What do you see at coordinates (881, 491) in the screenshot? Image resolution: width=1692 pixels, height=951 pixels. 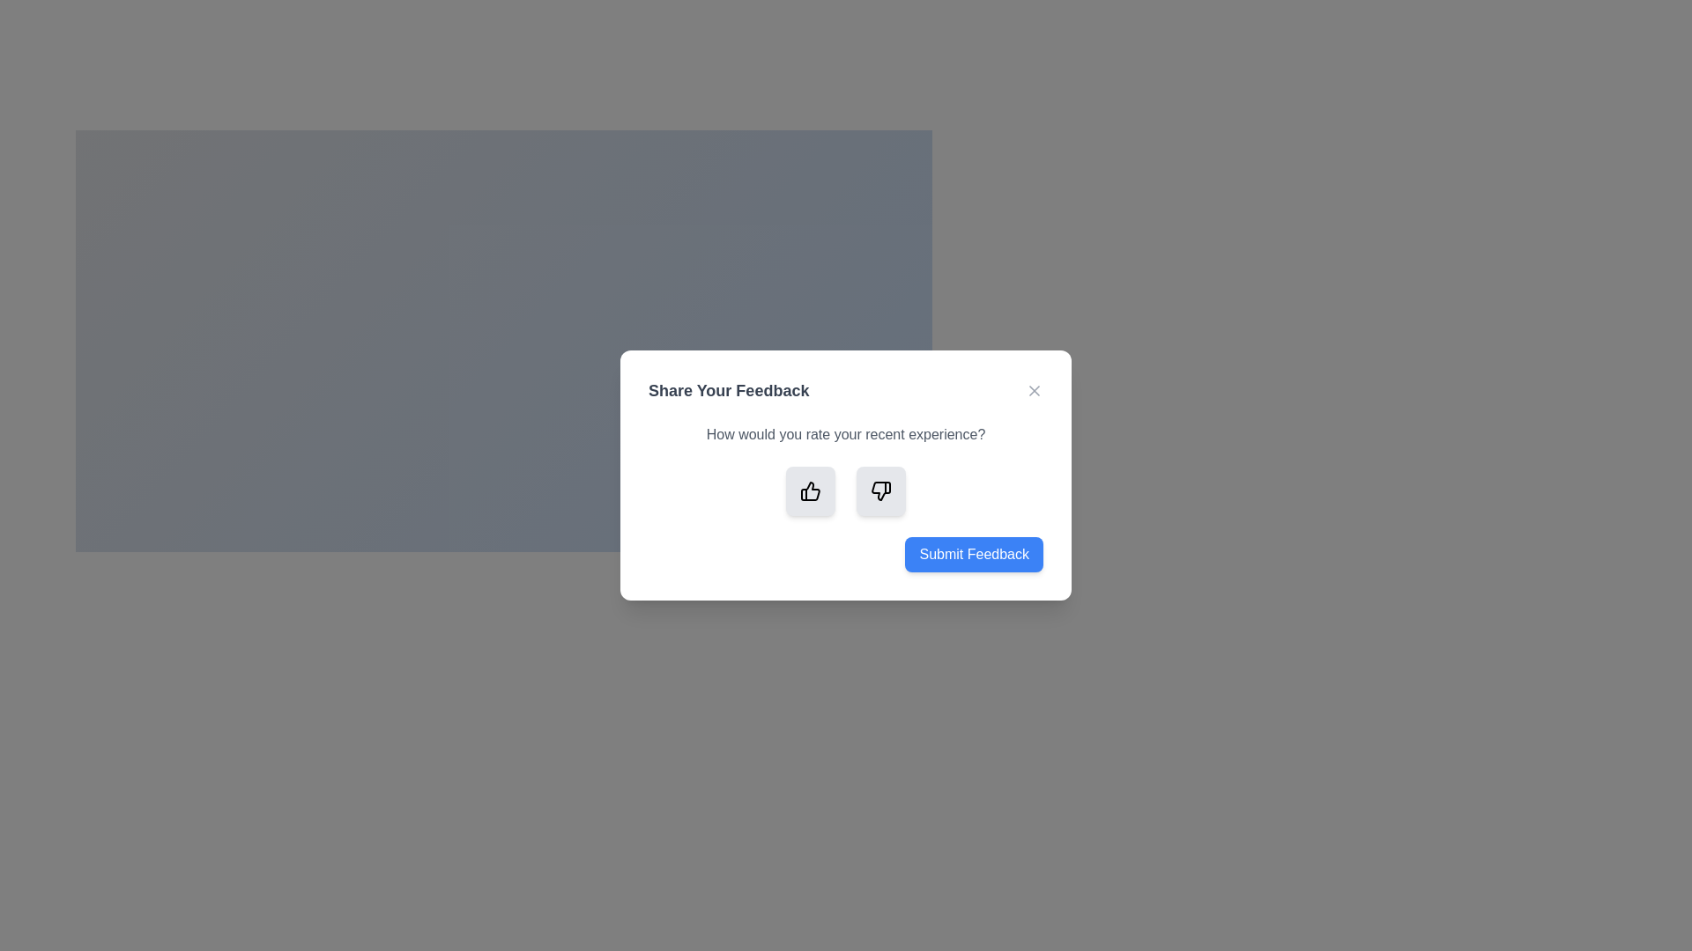 I see `the Icon Button for negative feedback, positioned below the question 'How would you rate your recent experience?'` at bounding box center [881, 491].